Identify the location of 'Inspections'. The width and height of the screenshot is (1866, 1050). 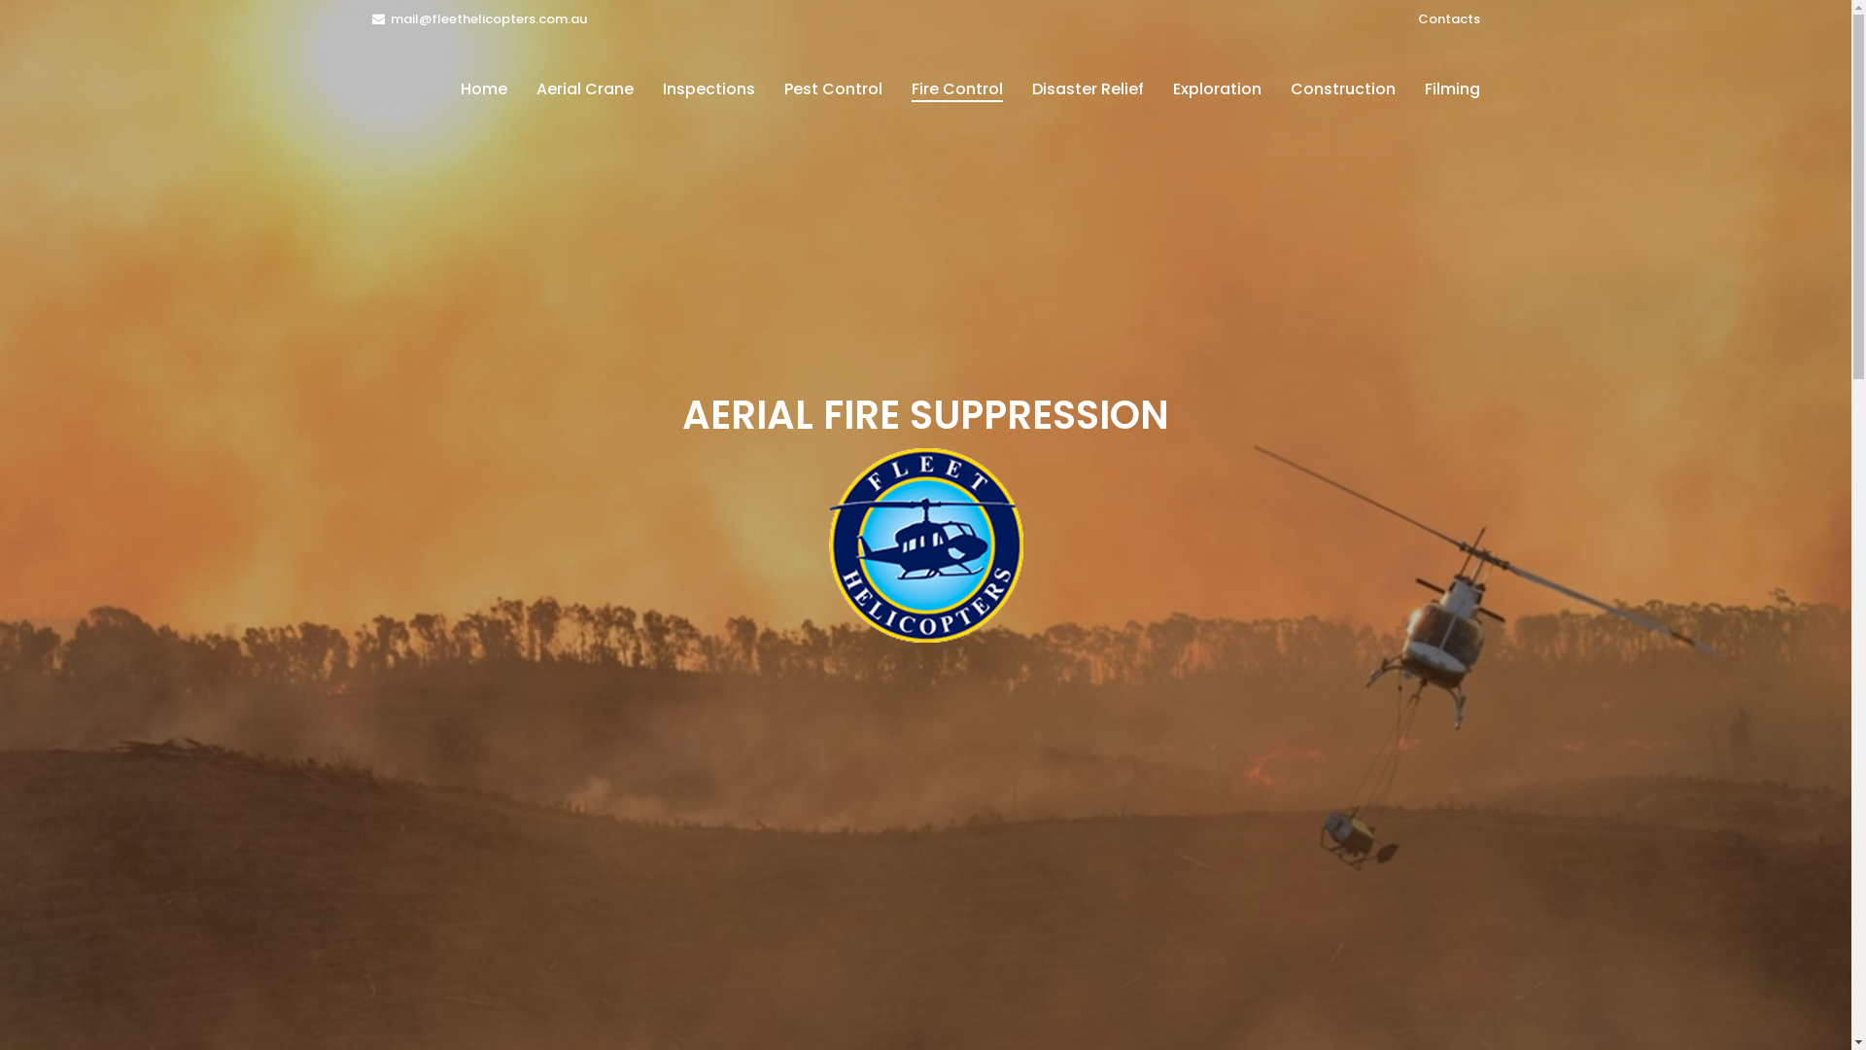
(707, 89).